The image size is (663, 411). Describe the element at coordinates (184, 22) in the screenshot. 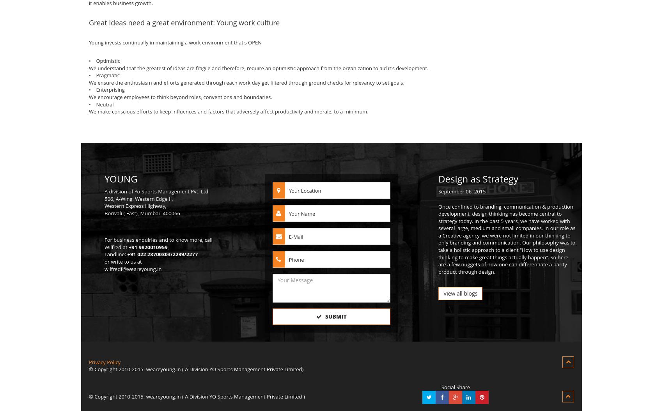

I see `'Great Ideas need a great environment: Young work culture'` at that location.